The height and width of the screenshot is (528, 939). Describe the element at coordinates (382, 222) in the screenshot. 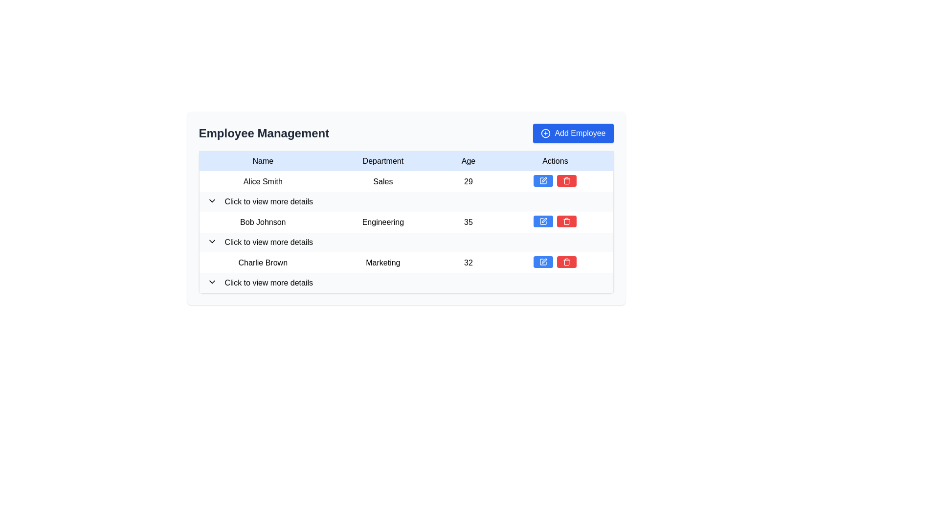

I see `the text element representing the department affiliation of an employee in the second row of the table under the 'Department' column` at that location.